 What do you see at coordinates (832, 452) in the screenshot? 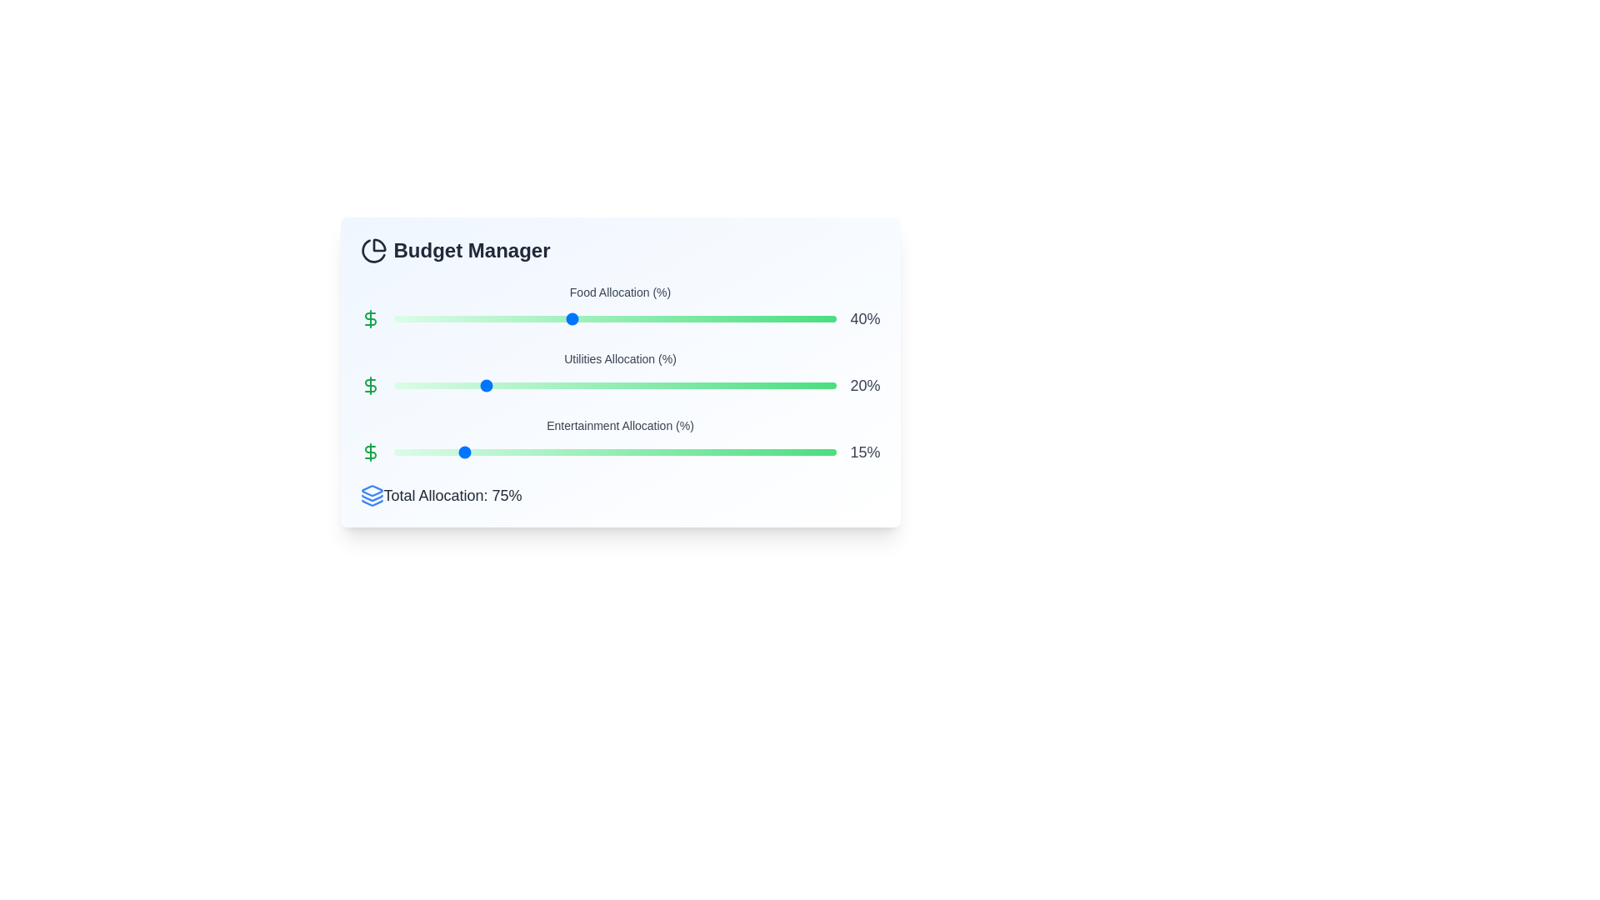
I see `the Entertainment Allocation slider to 99%` at bounding box center [832, 452].